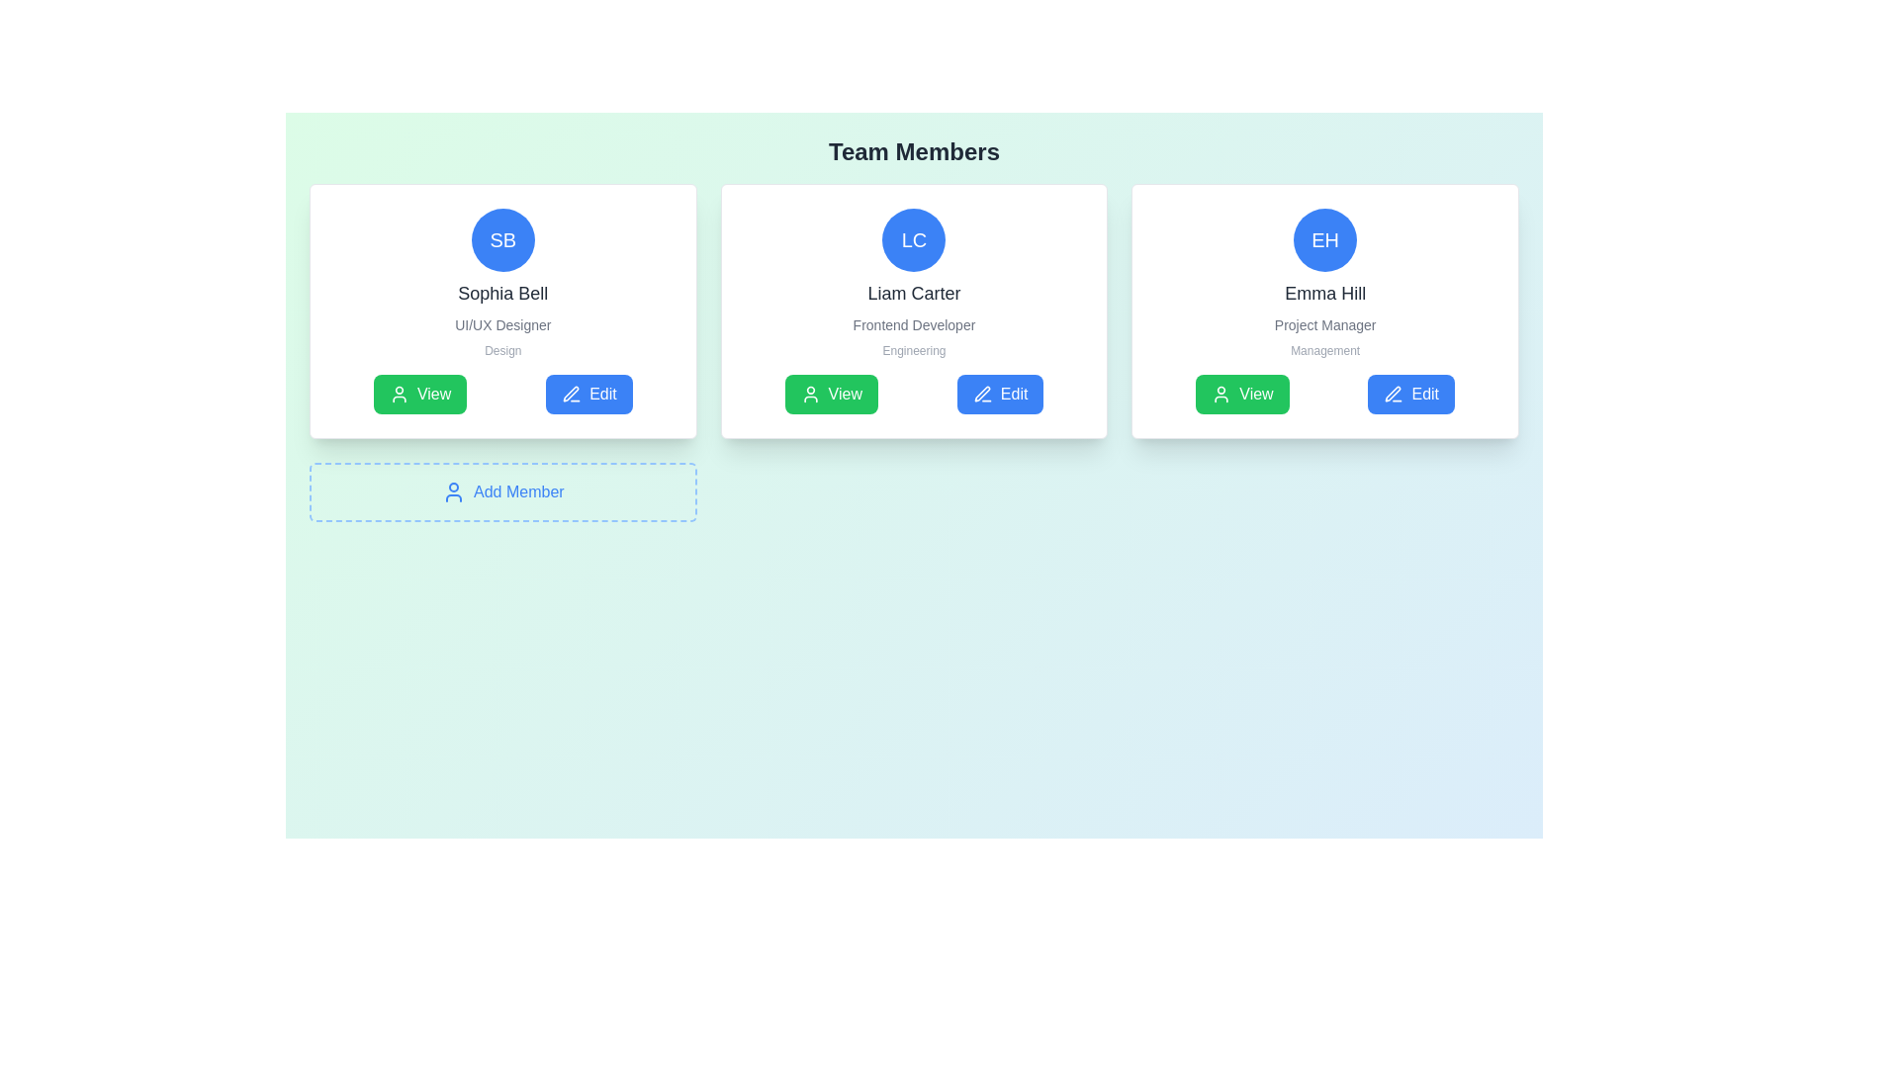 The height and width of the screenshot is (1068, 1899). What do you see at coordinates (913, 323) in the screenshot?
I see `the text label displaying 'Frontend Developer' which is styled with a smaller gray font and is located beneath the 'Liam Carter' name text` at bounding box center [913, 323].